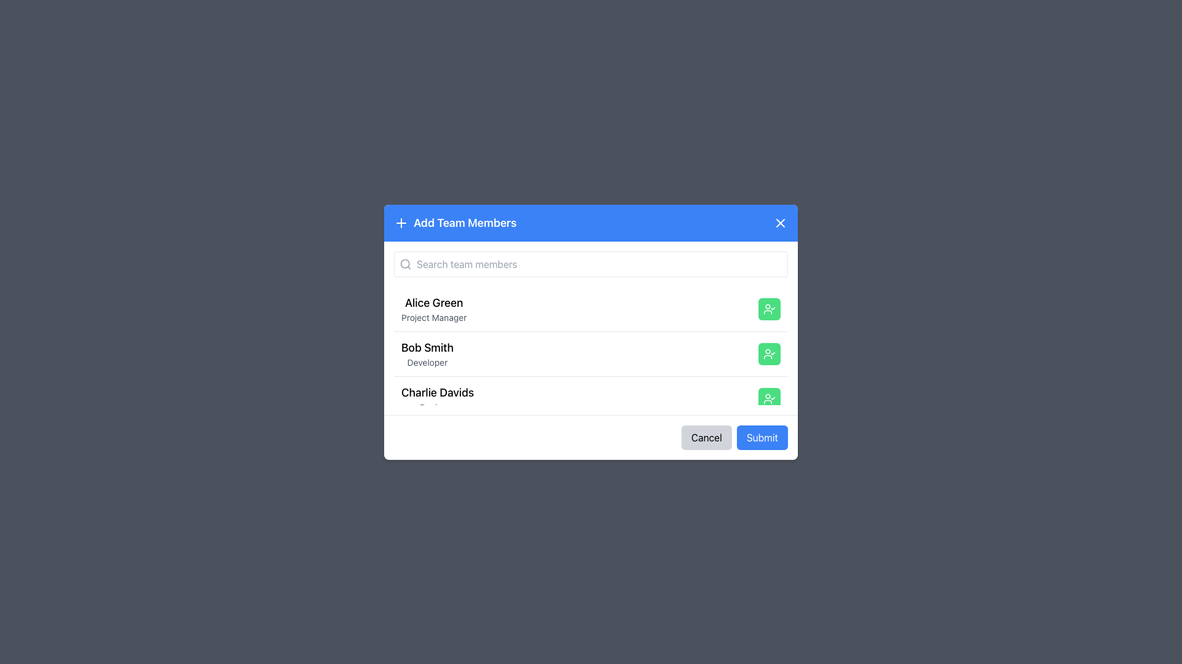 Image resolution: width=1182 pixels, height=664 pixels. I want to click on the text block displaying 'Alice Green' and 'Project Manager', the first item in the team members list, located below the search bar, so click(434, 308).